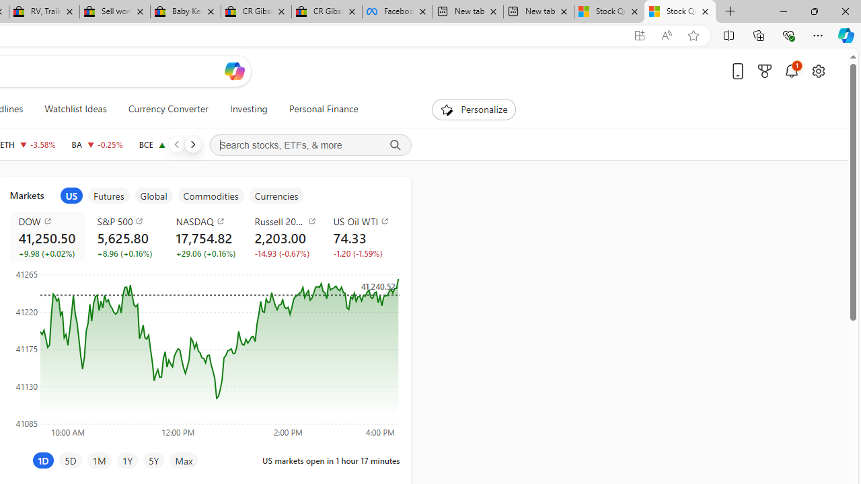 The height and width of the screenshot is (484, 861). Describe the element at coordinates (396, 11) in the screenshot. I see `'Facebook'` at that location.